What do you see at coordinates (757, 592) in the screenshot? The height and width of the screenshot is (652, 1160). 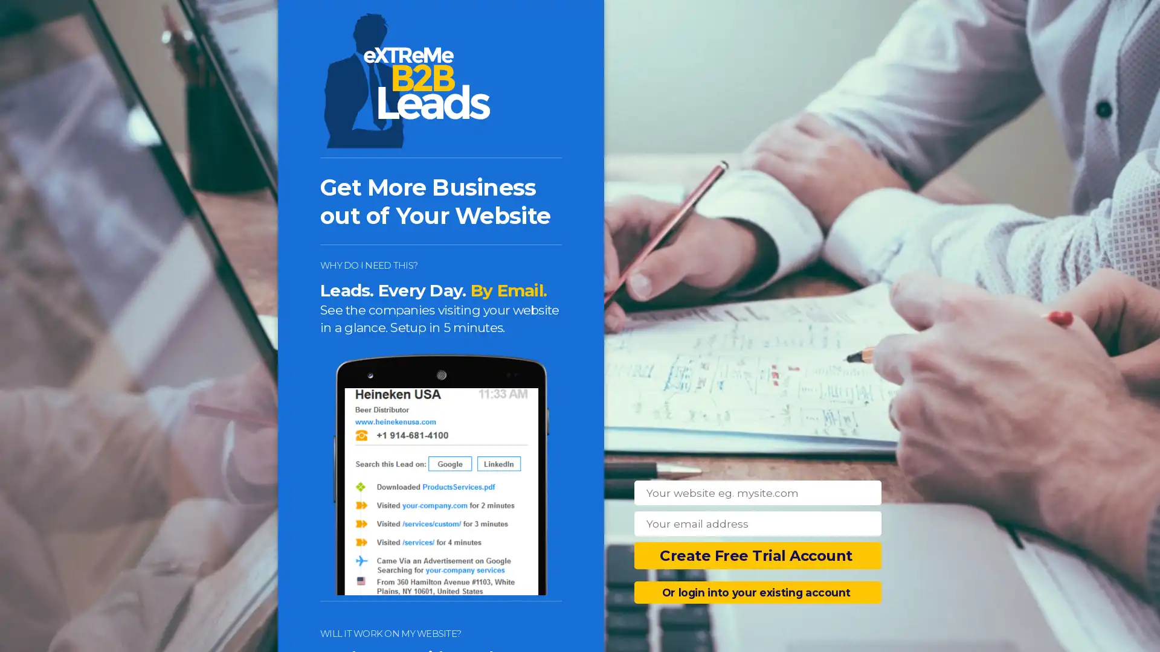 I see `Or login into your existing account` at bounding box center [757, 592].